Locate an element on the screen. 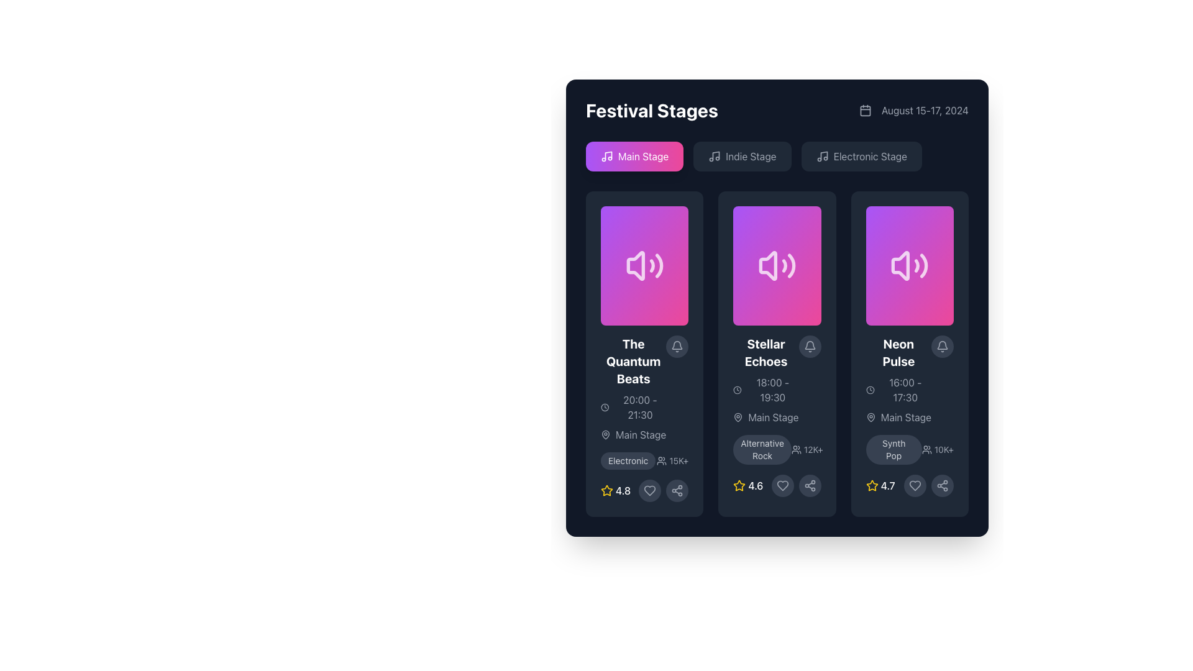 Image resolution: width=1193 pixels, height=671 pixels. the map pin icon located within the 'Main Stage' text block at the bottom-left corner of 'The Quantum Beats' card is located at coordinates (605, 434).